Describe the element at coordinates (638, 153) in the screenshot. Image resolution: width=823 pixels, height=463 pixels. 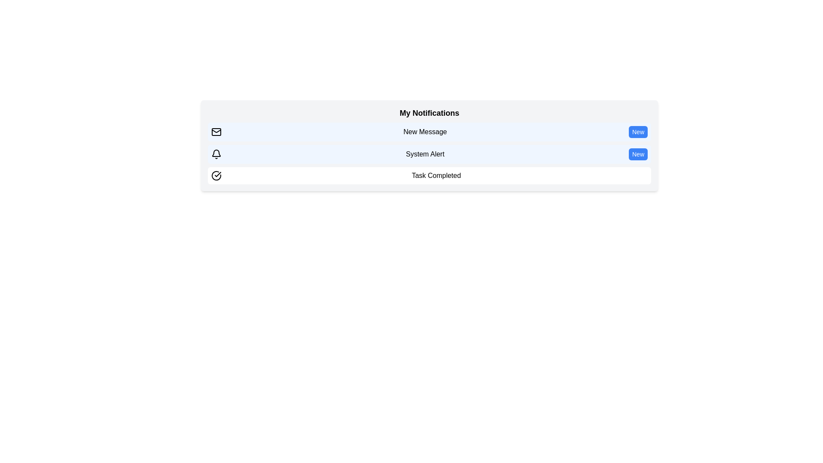
I see `the 'New' button, which is a small rectangular button with white text on a blue background, located to the right of the 'System Alert' item in the notifications list` at that location.